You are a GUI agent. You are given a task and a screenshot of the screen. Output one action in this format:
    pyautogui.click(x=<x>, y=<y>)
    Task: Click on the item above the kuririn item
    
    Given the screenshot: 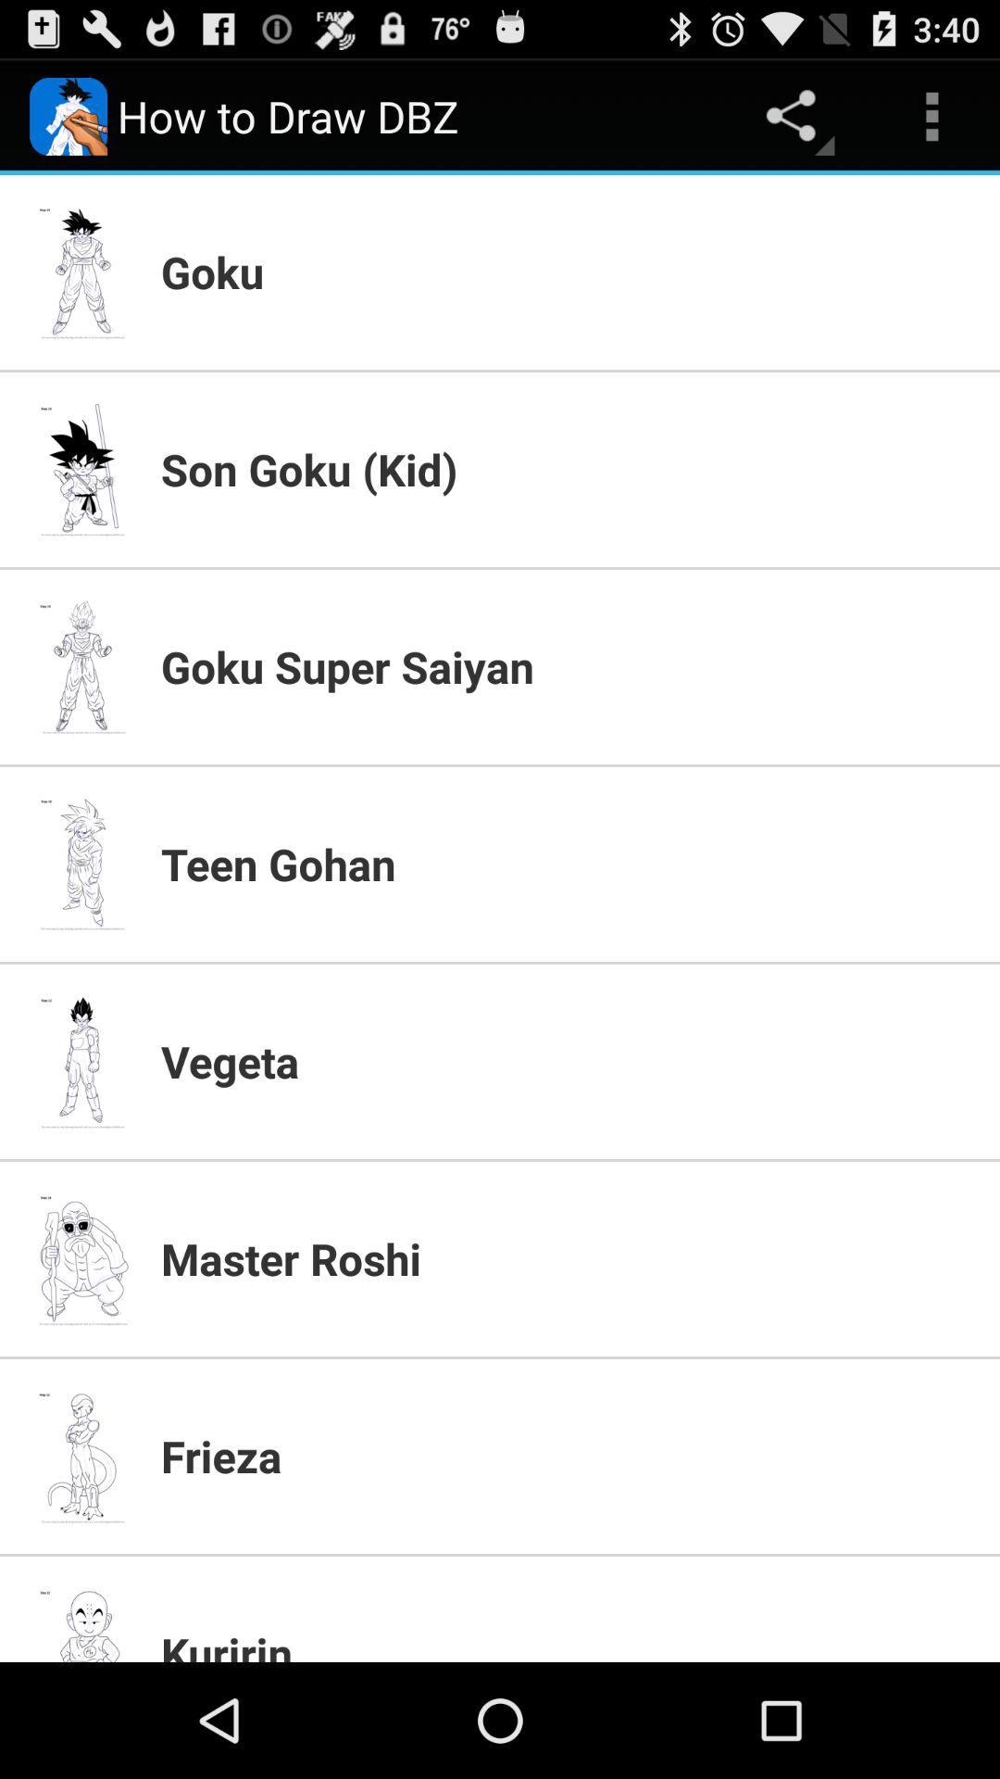 What is the action you would take?
    pyautogui.click(x=568, y=1455)
    